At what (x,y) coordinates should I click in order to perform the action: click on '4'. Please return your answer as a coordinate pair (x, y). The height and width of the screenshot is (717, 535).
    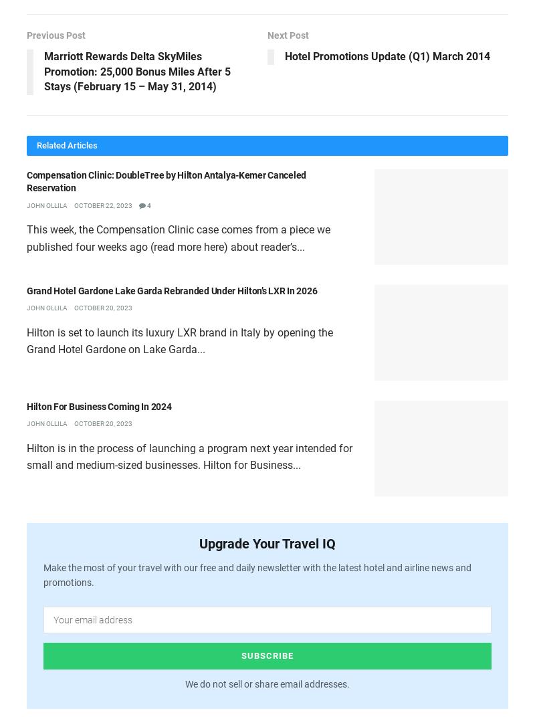
    Looking at the image, I should click on (148, 204).